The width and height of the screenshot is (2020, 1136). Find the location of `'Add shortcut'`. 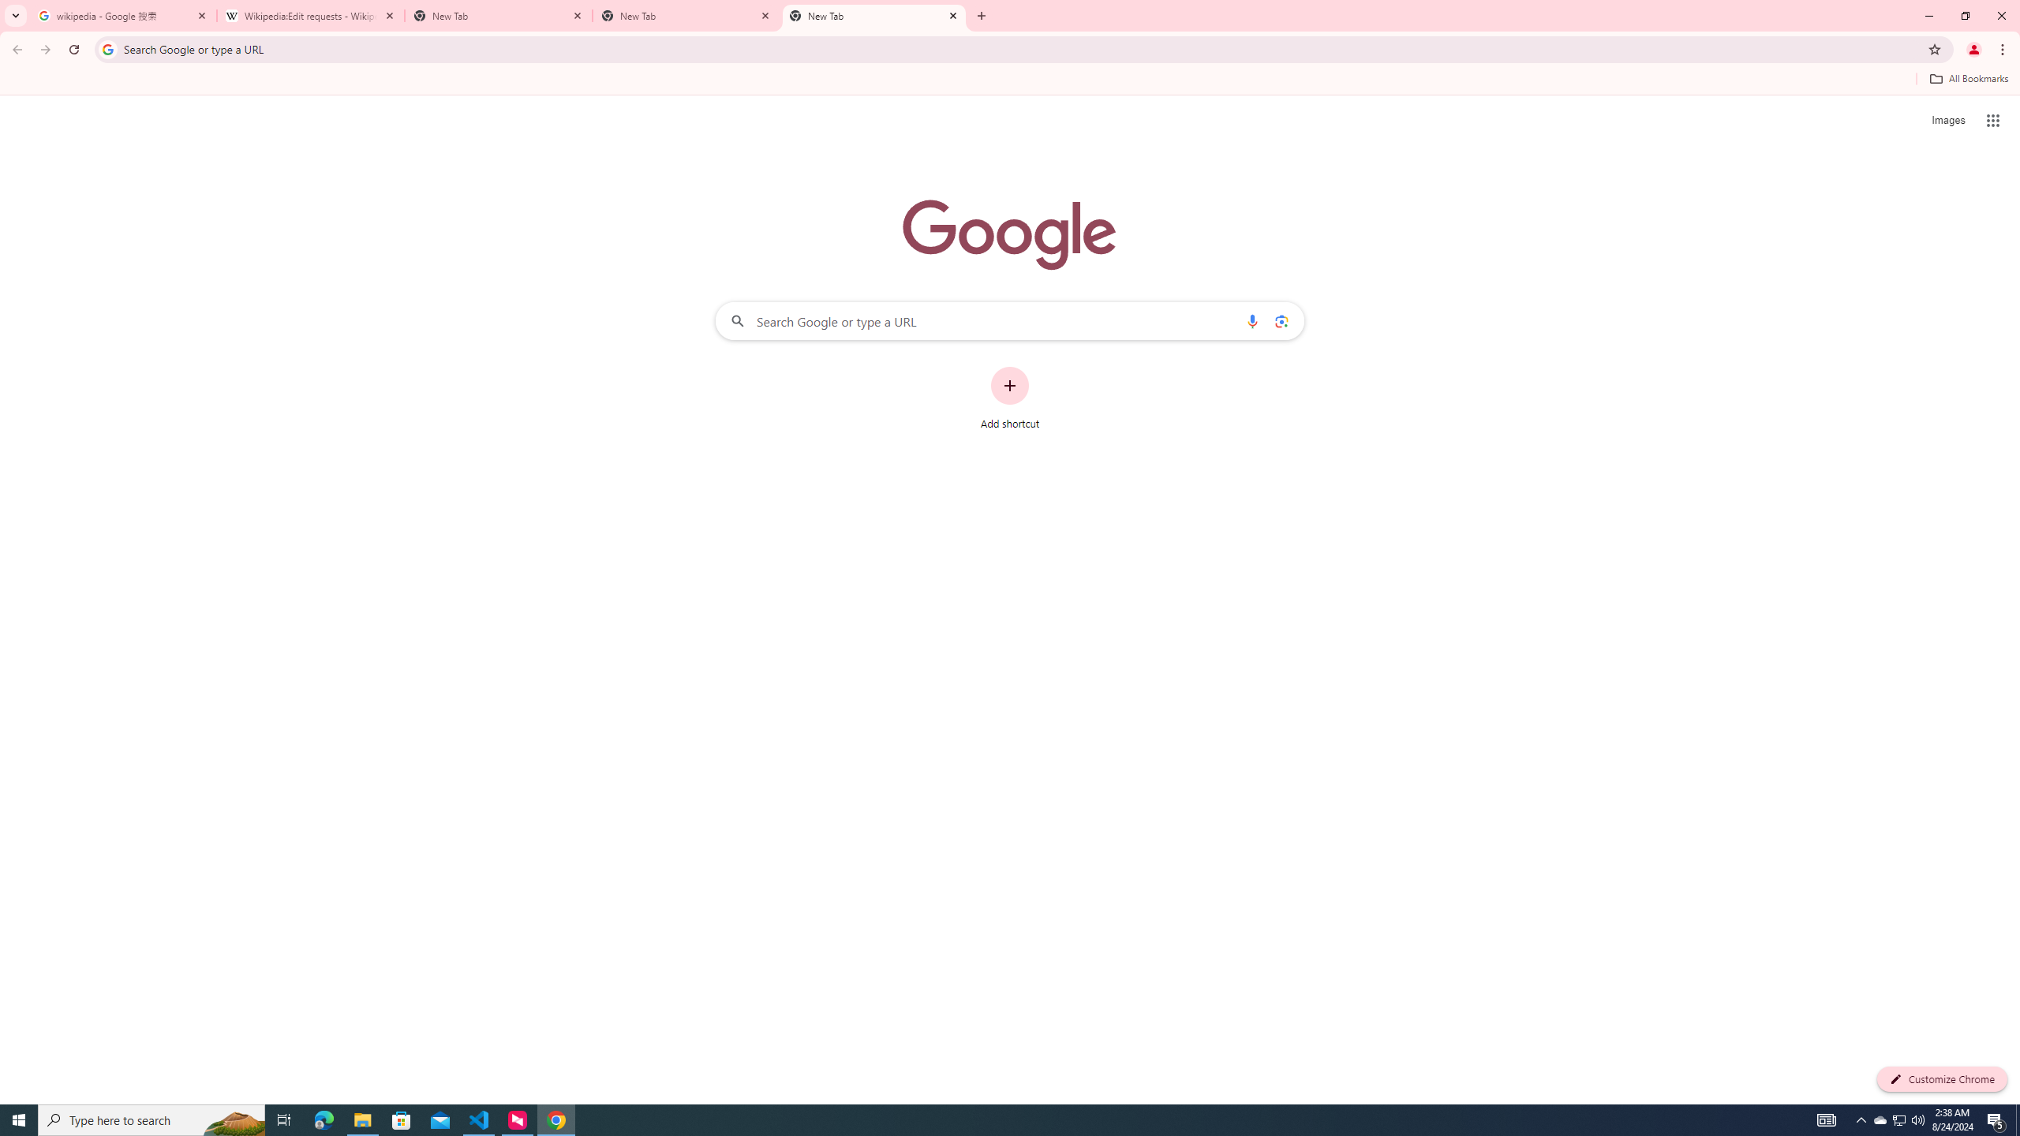

'Add shortcut' is located at coordinates (1010, 398).